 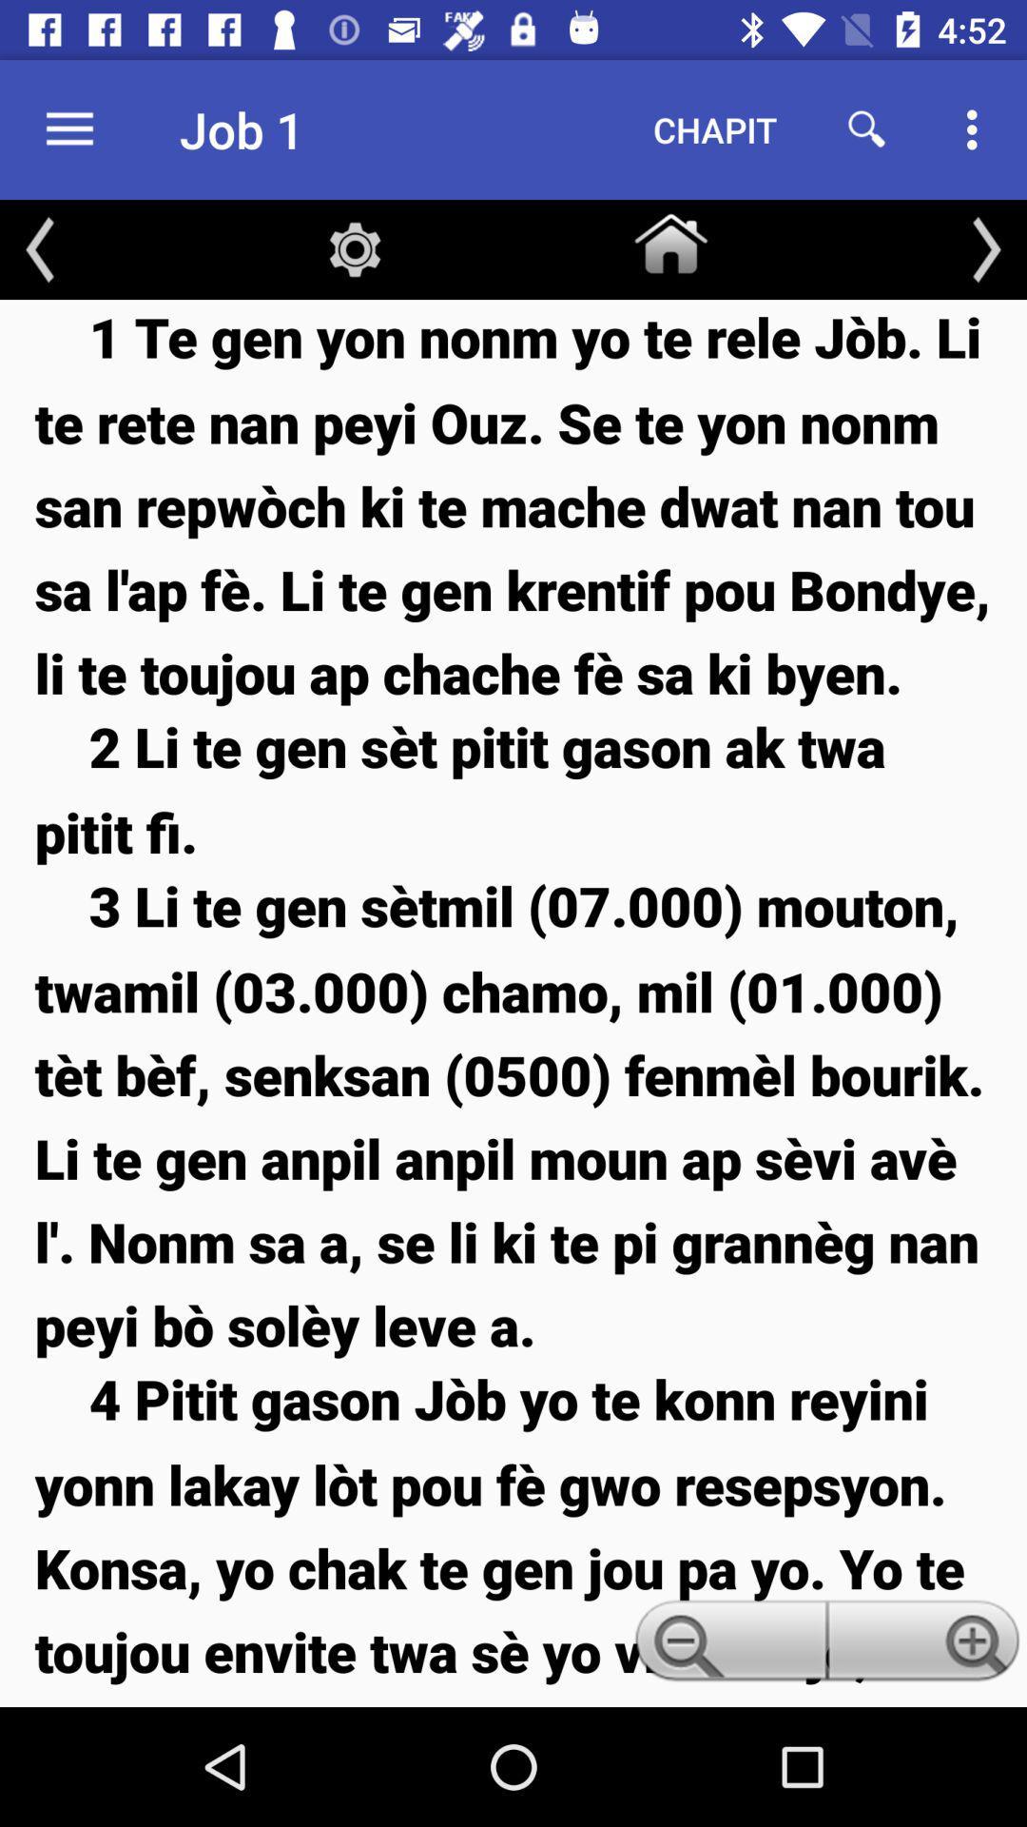 What do you see at coordinates (715, 128) in the screenshot?
I see `the chapit icon` at bounding box center [715, 128].